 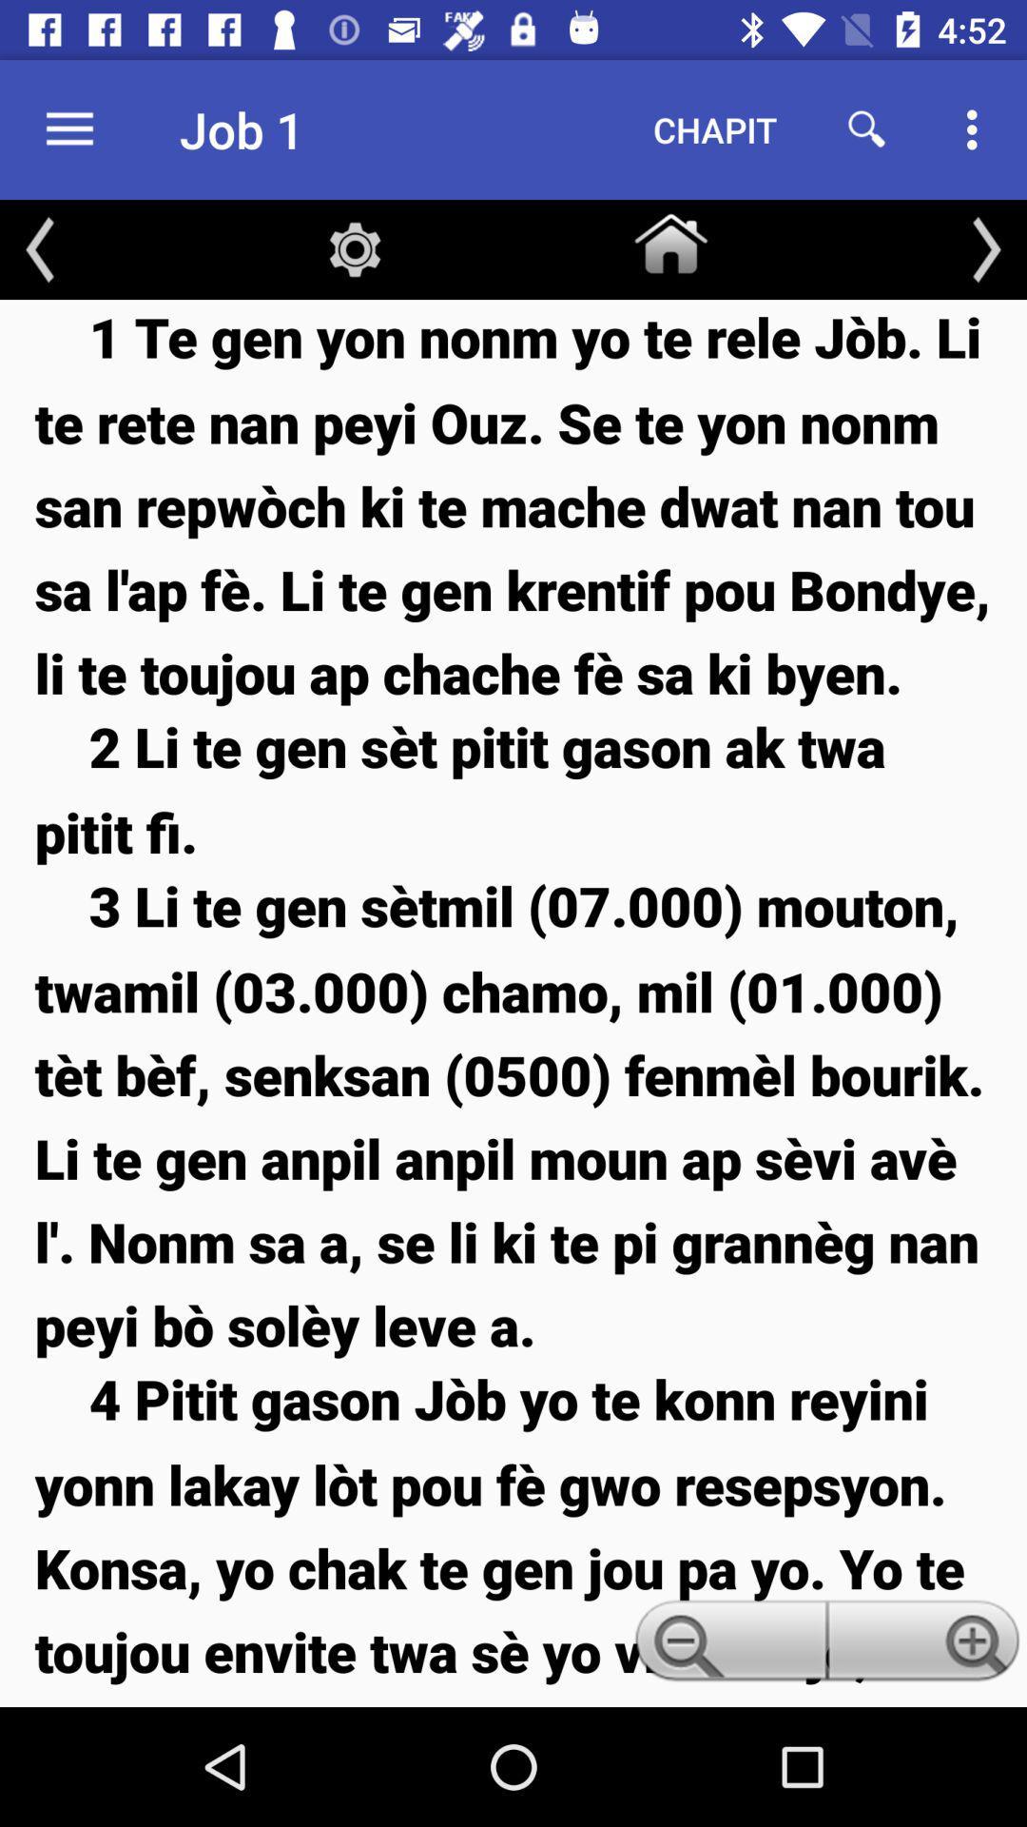 What do you see at coordinates (715, 128) in the screenshot?
I see `the chapit icon` at bounding box center [715, 128].